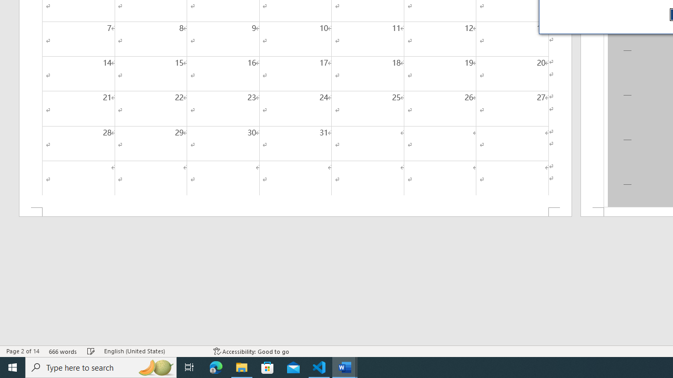  Describe the element at coordinates (153, 351) in the screenshot. I see `'Language English (United States)'` at that location.